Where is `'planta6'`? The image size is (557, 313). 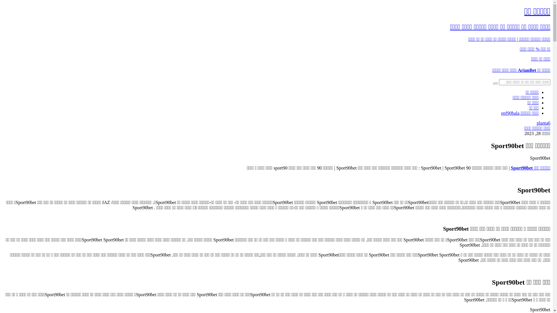
'planta6' is located at coordinates (536, 123).